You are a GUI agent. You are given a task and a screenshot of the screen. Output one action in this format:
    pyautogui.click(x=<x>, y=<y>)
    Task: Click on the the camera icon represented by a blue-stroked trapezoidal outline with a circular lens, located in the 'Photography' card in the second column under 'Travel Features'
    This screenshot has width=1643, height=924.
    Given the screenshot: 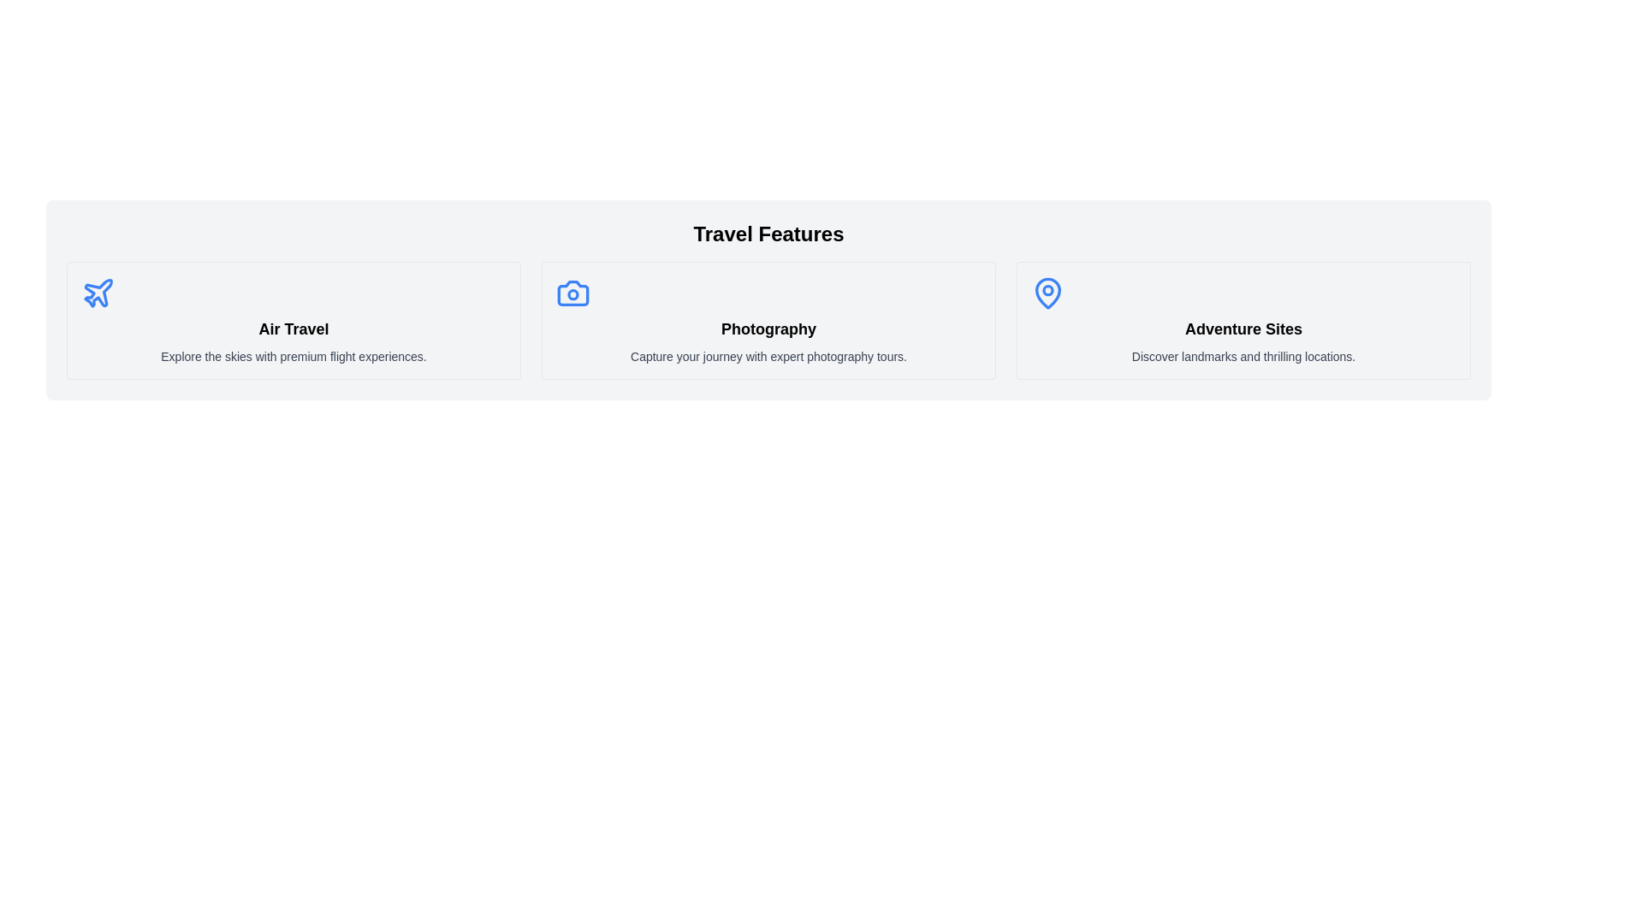 What is the action you would take?
    pyautogui.click(x=573, y=293)
    